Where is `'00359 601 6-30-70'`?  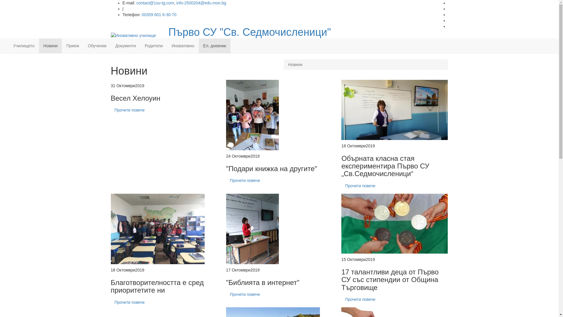
'00359 601 6-30-70' is located at coordinates (159, 14).